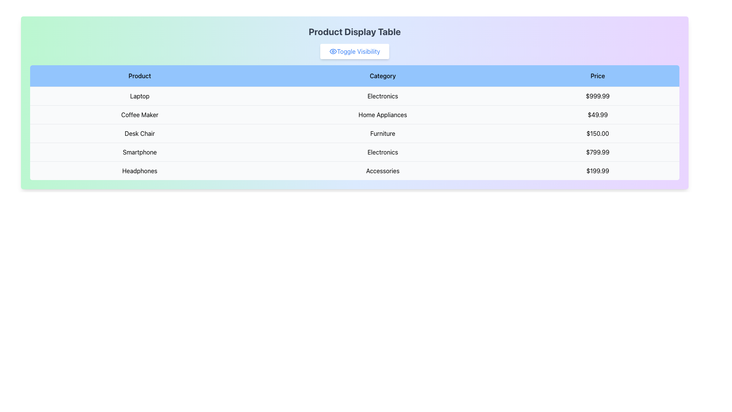  Describe the element at coordinates (597, 114) in the screenshot. I see `the price text label displaying '$49.99' in bold black text, located in the third column of the second row under the 'Price' header` at that location.